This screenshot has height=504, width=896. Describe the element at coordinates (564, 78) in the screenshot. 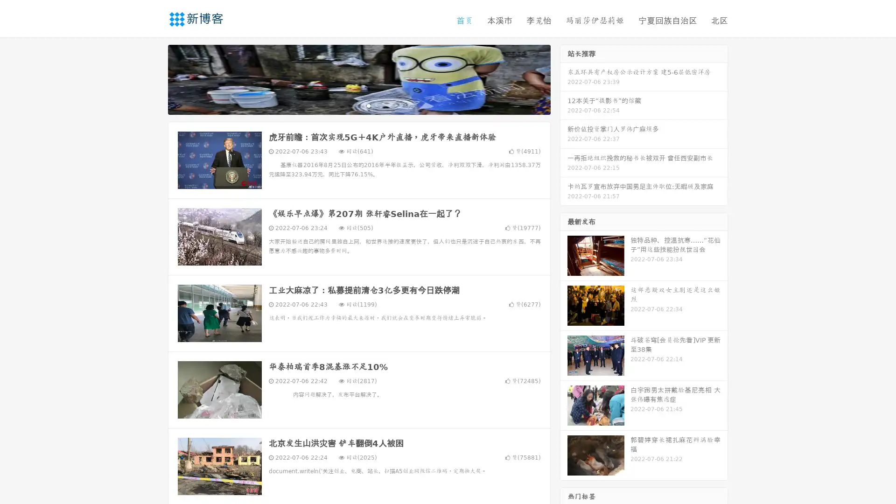

I see `Next slide` at that location.